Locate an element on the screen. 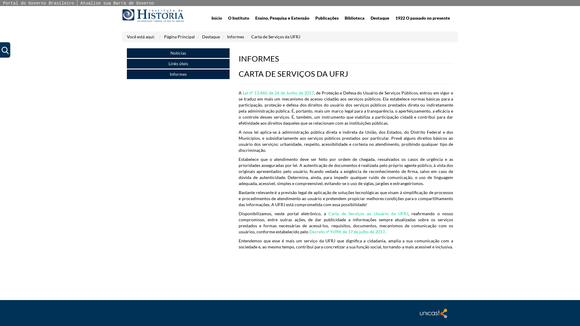 Image resolution: width=580 pixels, height=326 pixels. 'Destaque' is located at coordinates (211, 37).